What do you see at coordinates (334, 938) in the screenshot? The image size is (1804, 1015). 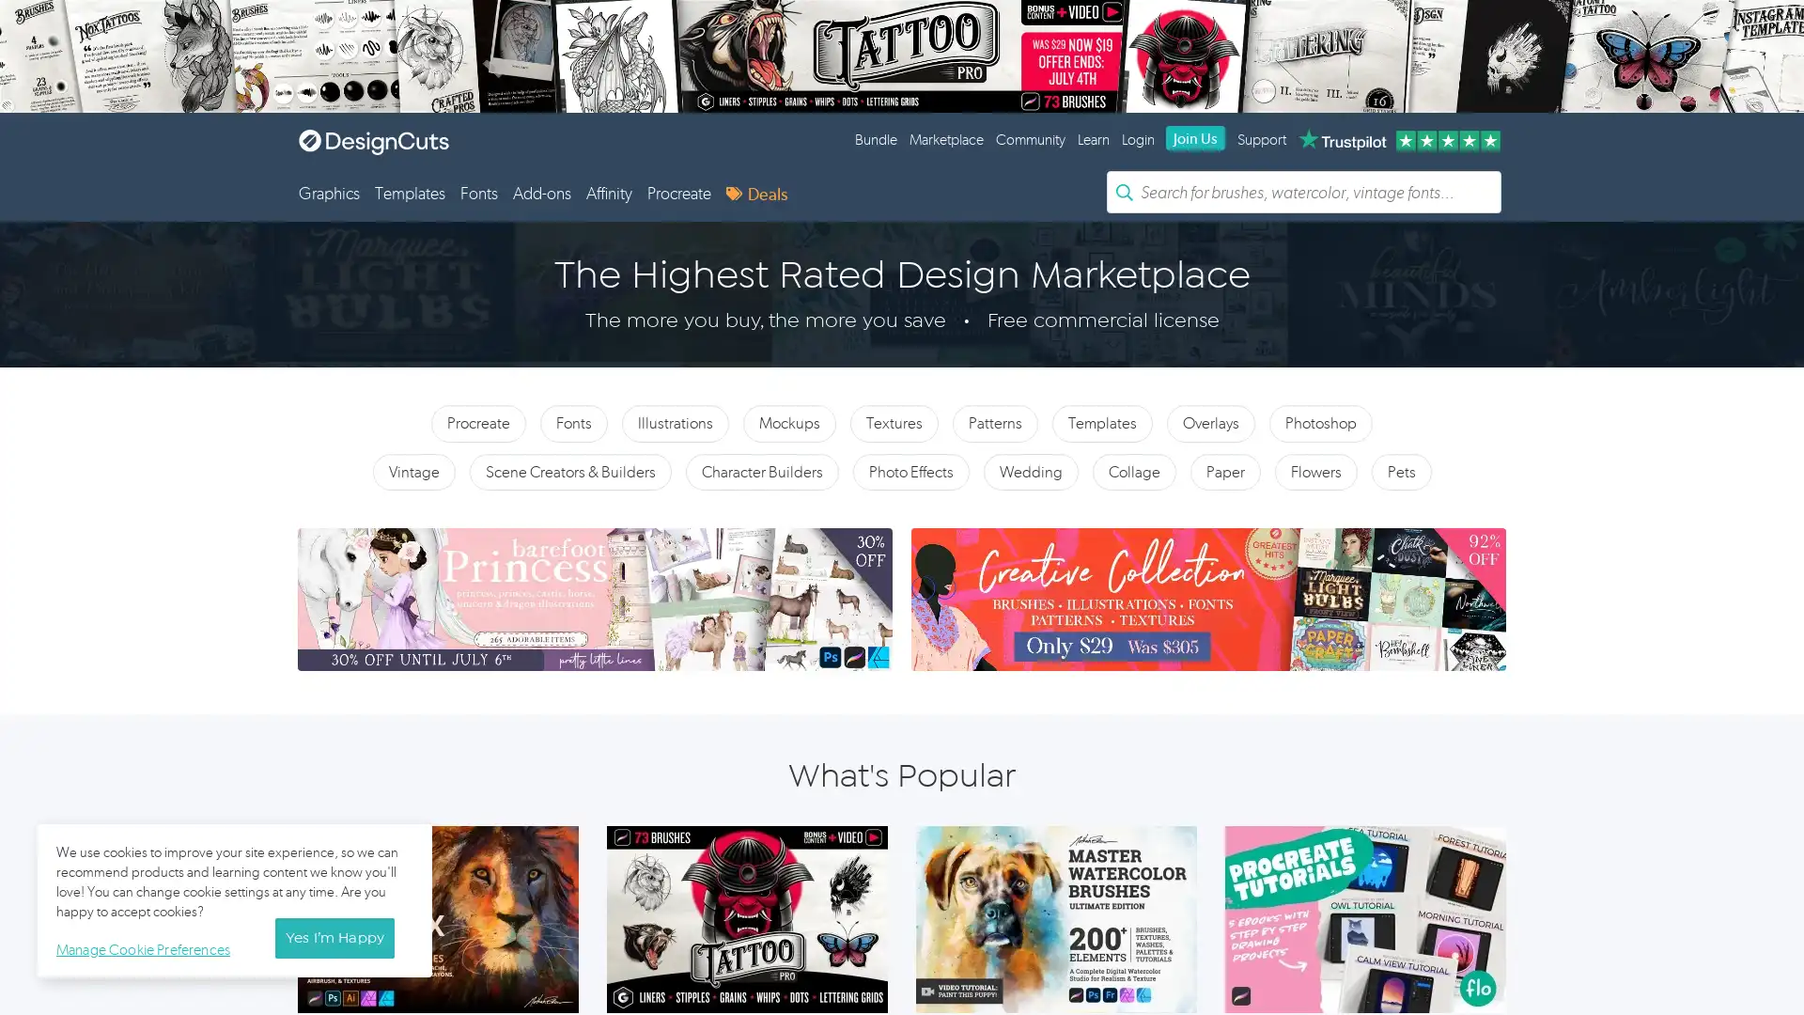 I see `Yes Im Happy` at bounding box center [334, 938].